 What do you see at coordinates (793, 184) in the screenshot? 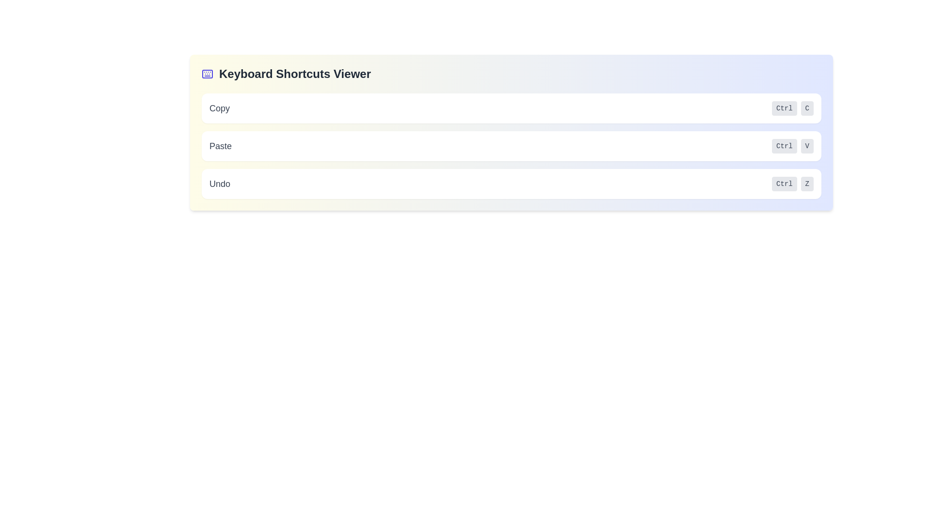
I see `the label displaying the keyboard shortcut 'Ctrl+Z' for the 'Undo' action, located on the rightmost side of the 'Undo' row in the keyboard shortcuts list` at bounding box center [793, 184].